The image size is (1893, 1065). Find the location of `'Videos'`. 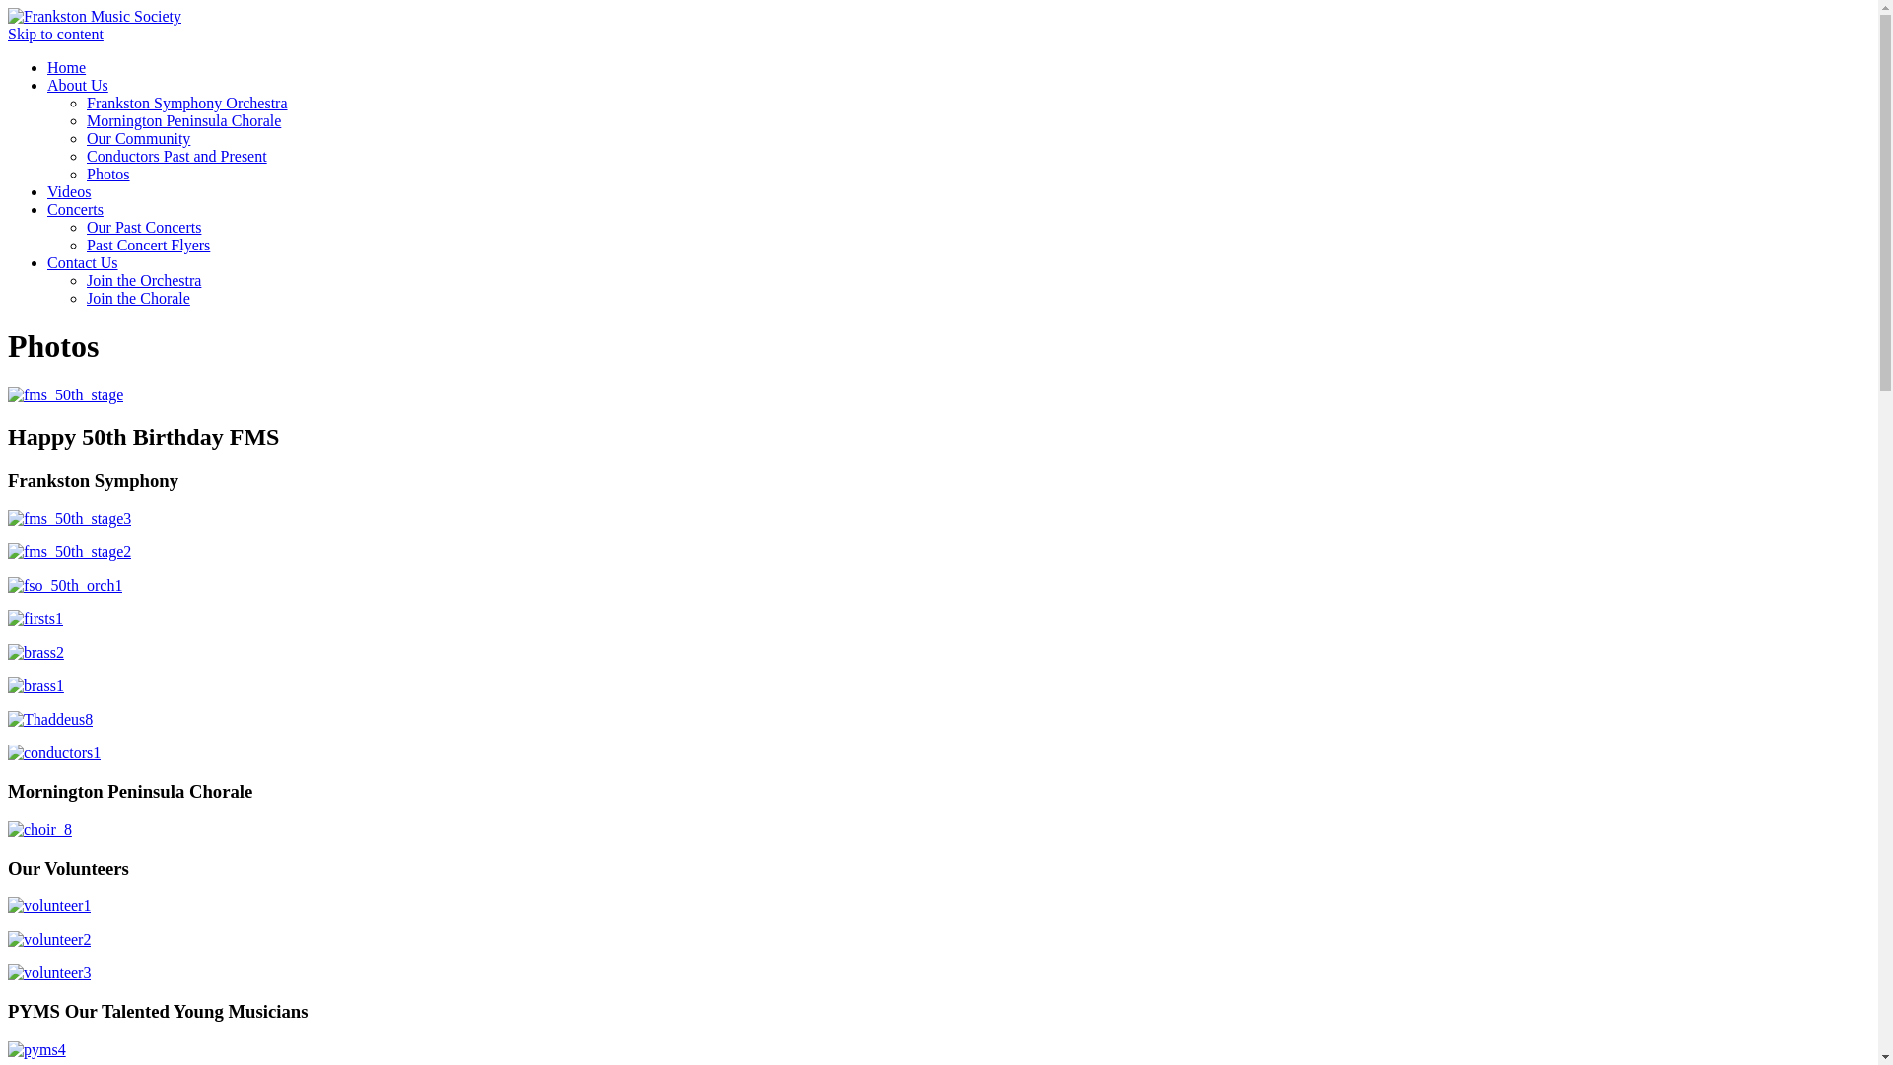

'Videos' is located at coordinates (69, 191).